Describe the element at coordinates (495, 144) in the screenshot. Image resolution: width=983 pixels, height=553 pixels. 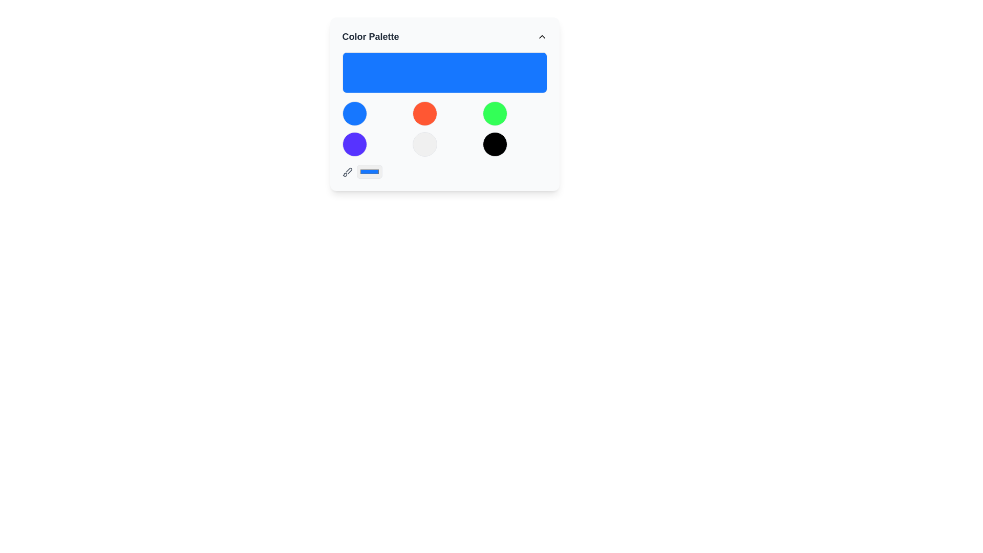
I see `the circular button with a black background located in the second row, third column of the grid layout` at that location.